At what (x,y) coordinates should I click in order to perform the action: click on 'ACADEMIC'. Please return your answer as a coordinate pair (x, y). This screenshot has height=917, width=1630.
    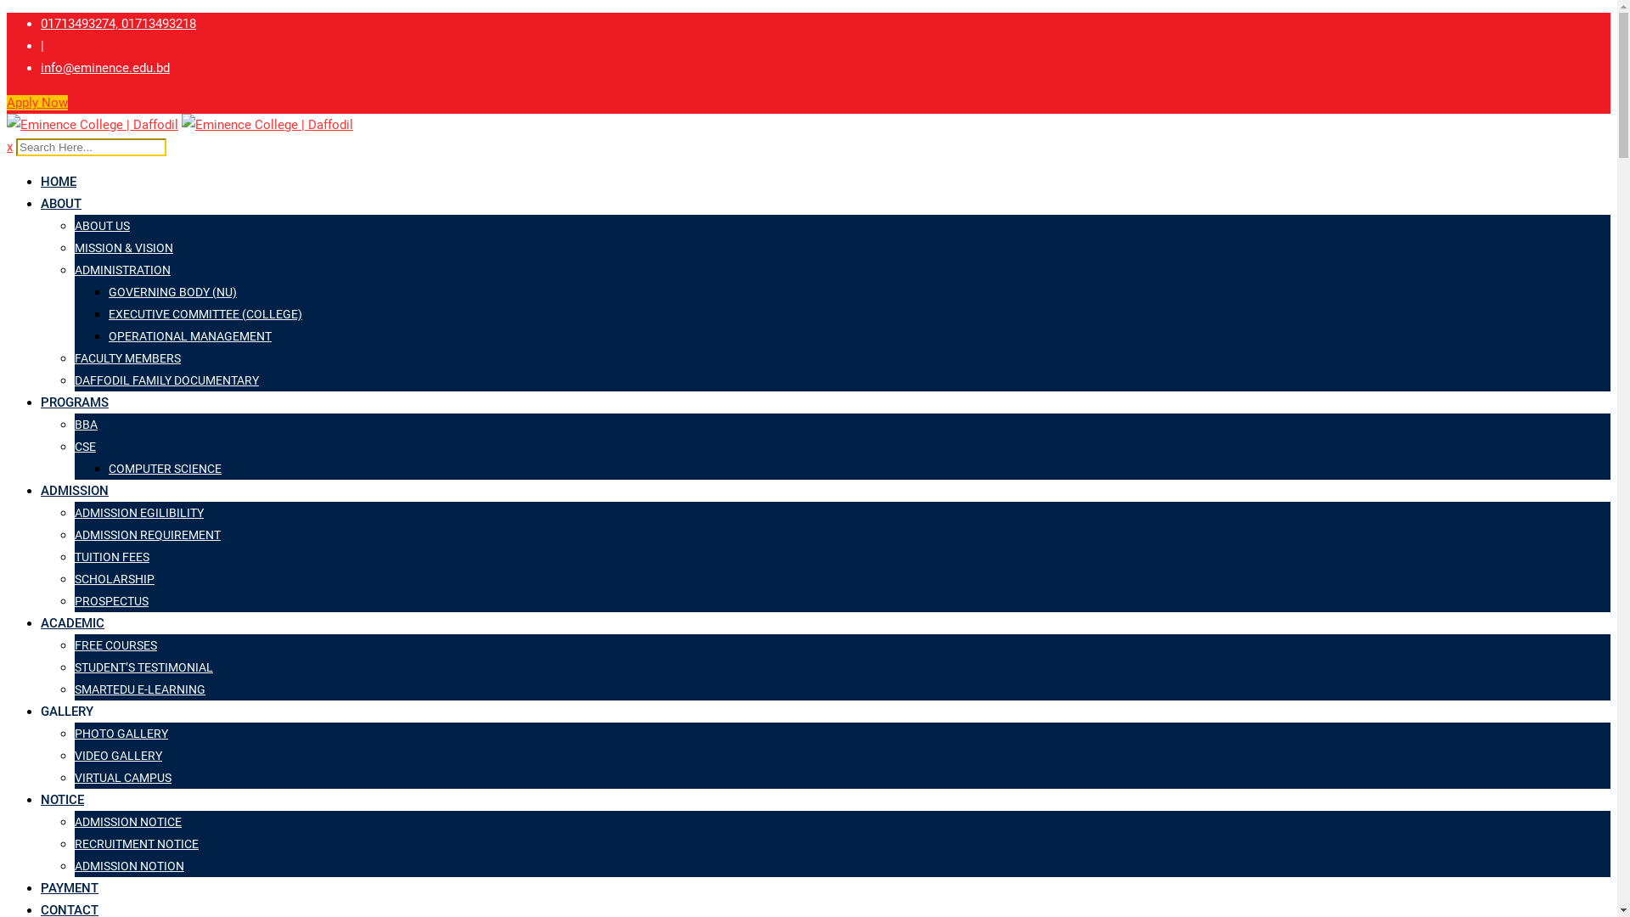
    Looking at the image, I should click on (71, 622).